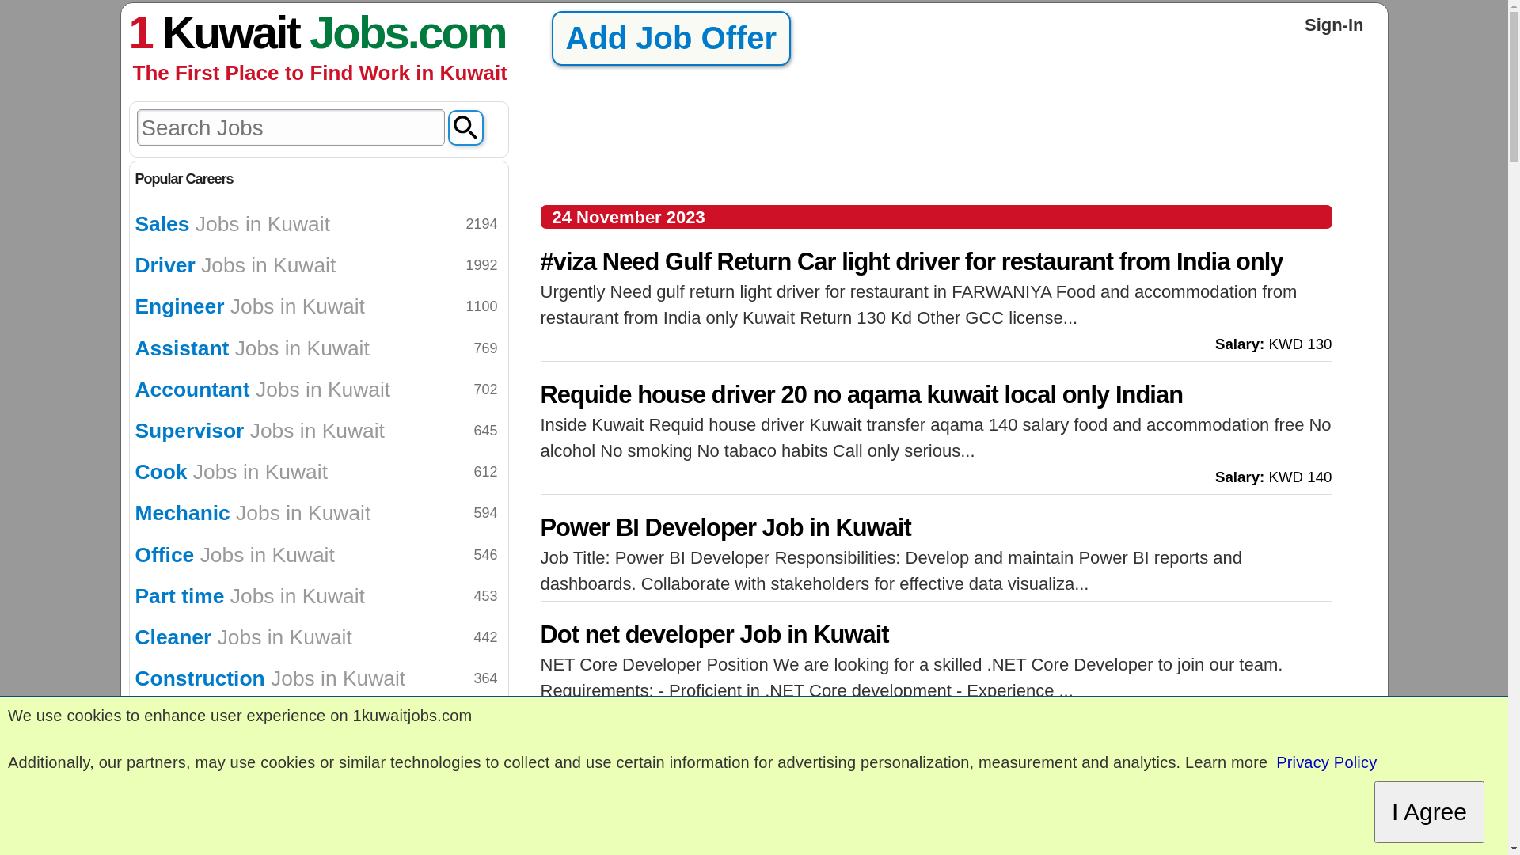  I want to click on 'I Agree', so click(1429, 812).